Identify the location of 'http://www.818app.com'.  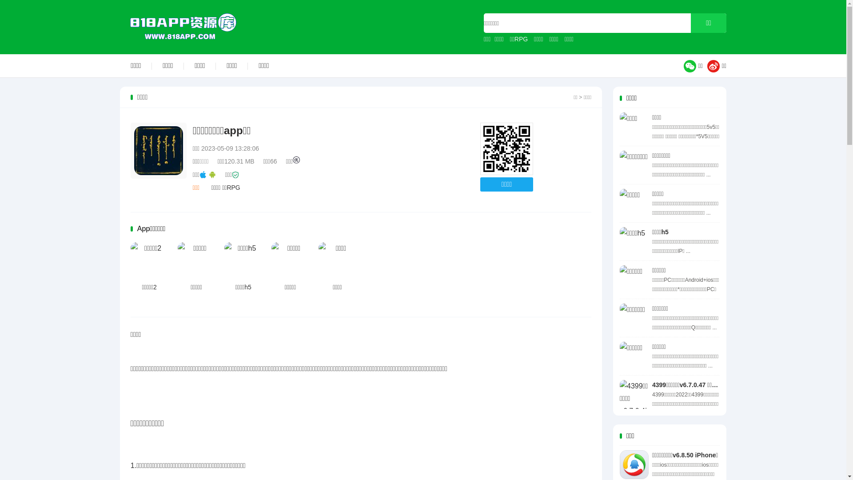
(483, 148).